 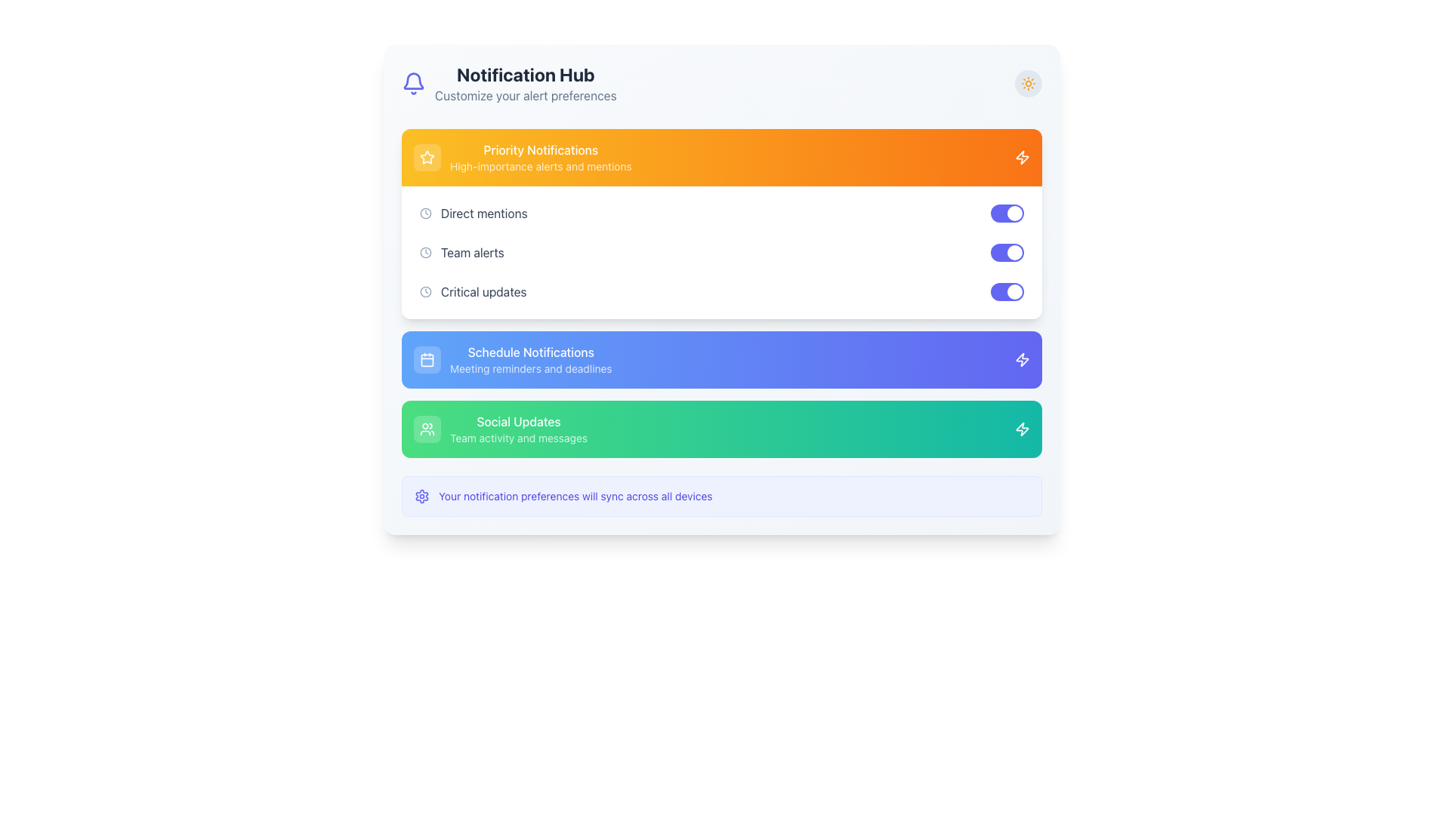 What do you see at coordinates (483, 291) in the screenshot?
I see `the 'Critical updates' text label` at bounding box center [483, 291].